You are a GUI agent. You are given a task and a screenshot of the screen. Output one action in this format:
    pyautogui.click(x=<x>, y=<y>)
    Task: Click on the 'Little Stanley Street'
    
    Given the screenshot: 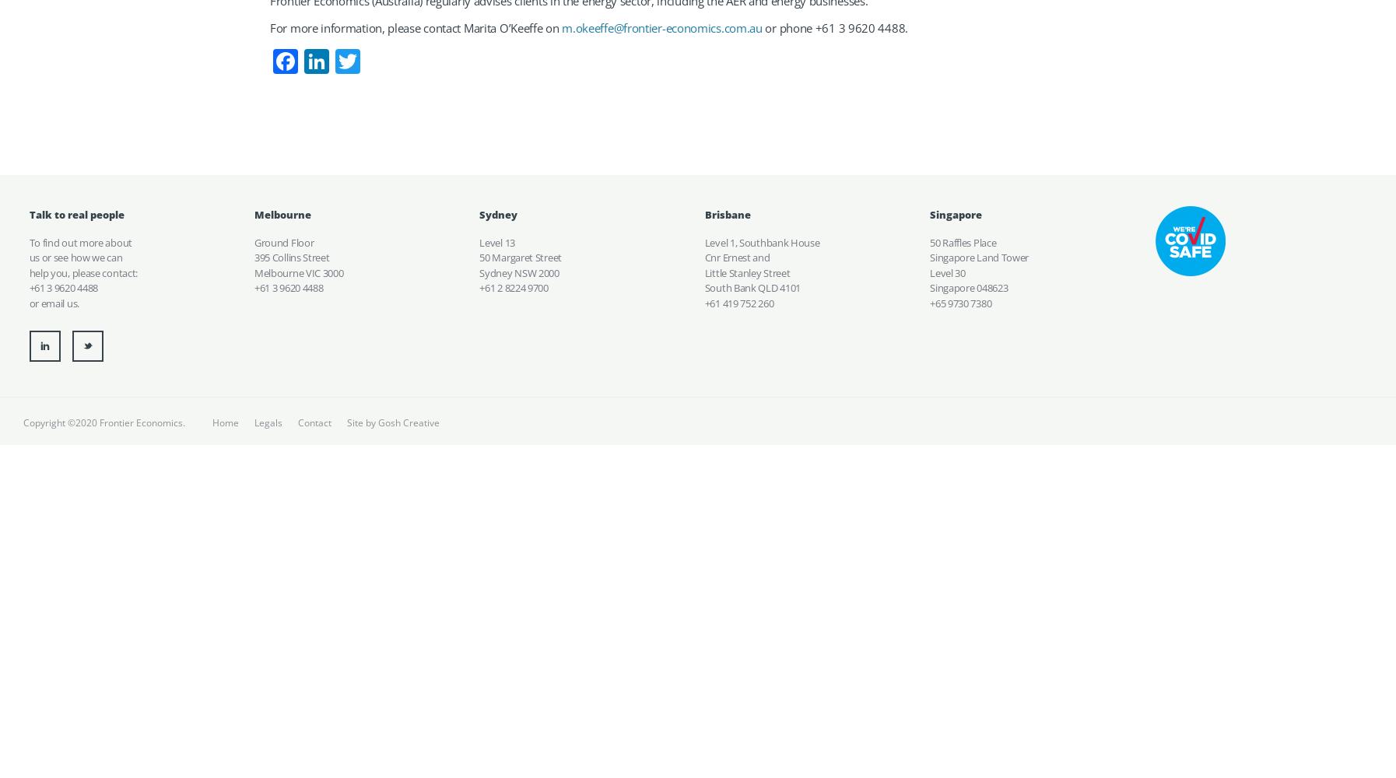 What is the action you would take?
    pyautogui.click(x=745, y=272)
    